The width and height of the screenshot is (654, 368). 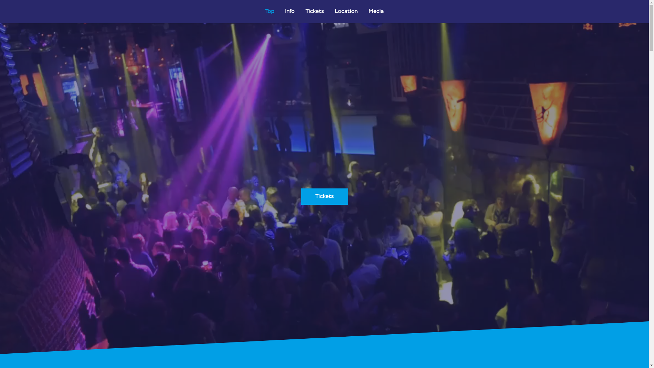 I want to click on 'Info', so click(x=289, y=12).